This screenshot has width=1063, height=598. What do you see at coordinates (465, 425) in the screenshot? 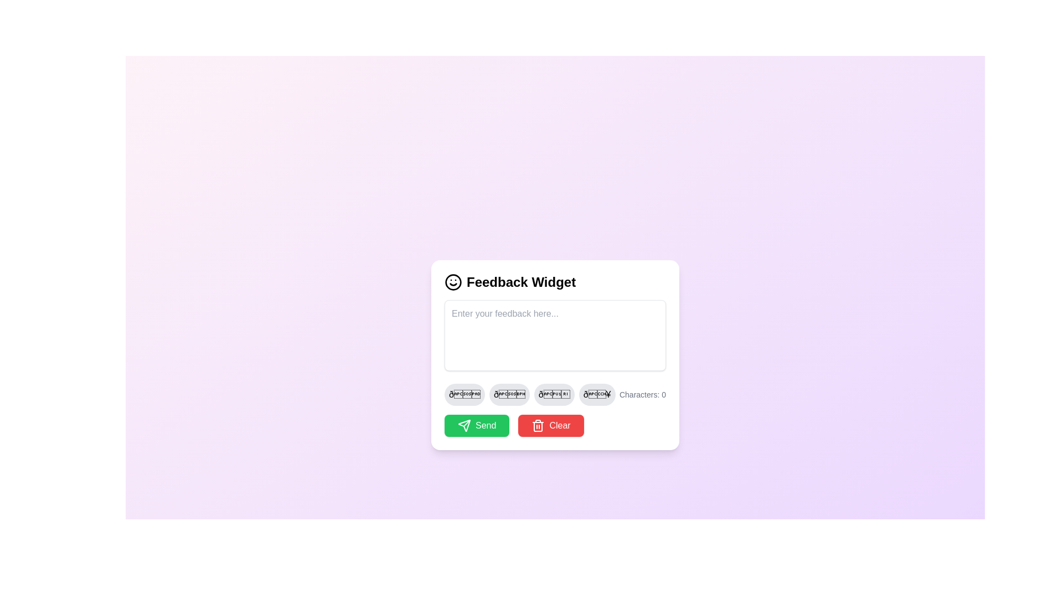
I see `the 'Send' icon within the green button located below the feedback input field` at bounding box center [465, 425].